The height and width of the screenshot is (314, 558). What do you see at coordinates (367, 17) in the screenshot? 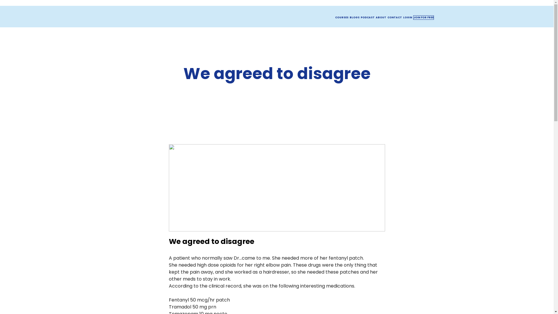
I see `'PODCAST'` at bounding box center [367, 17].